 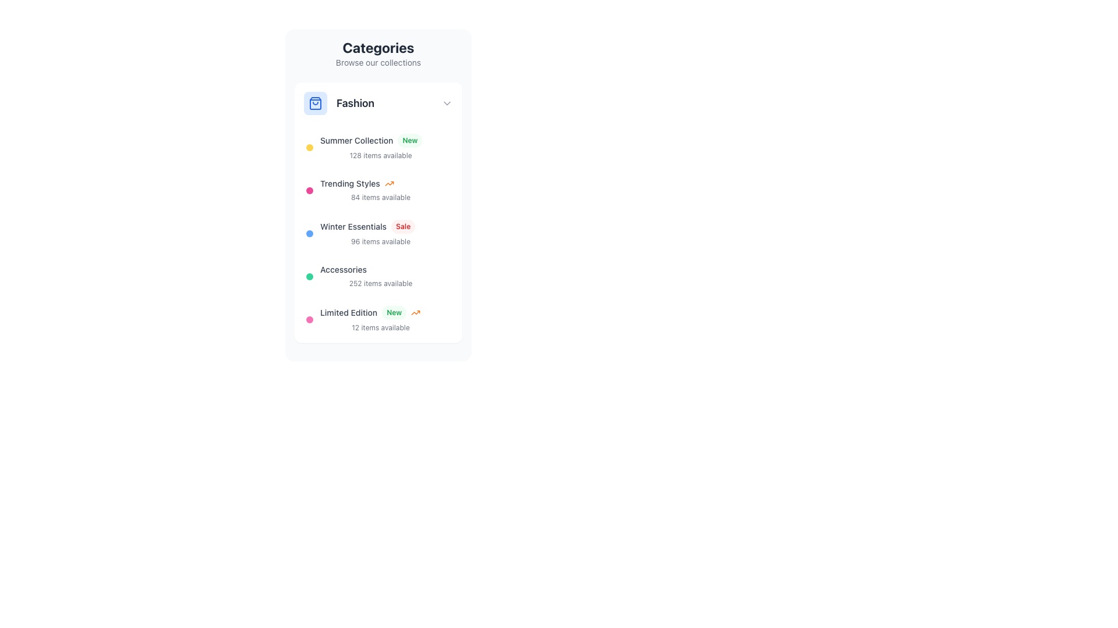 I want to click on the 'Limited Edition' text label with decorative icons located at the bottom of the Fashion category list in the sidebar, so click(x=380, y=312).